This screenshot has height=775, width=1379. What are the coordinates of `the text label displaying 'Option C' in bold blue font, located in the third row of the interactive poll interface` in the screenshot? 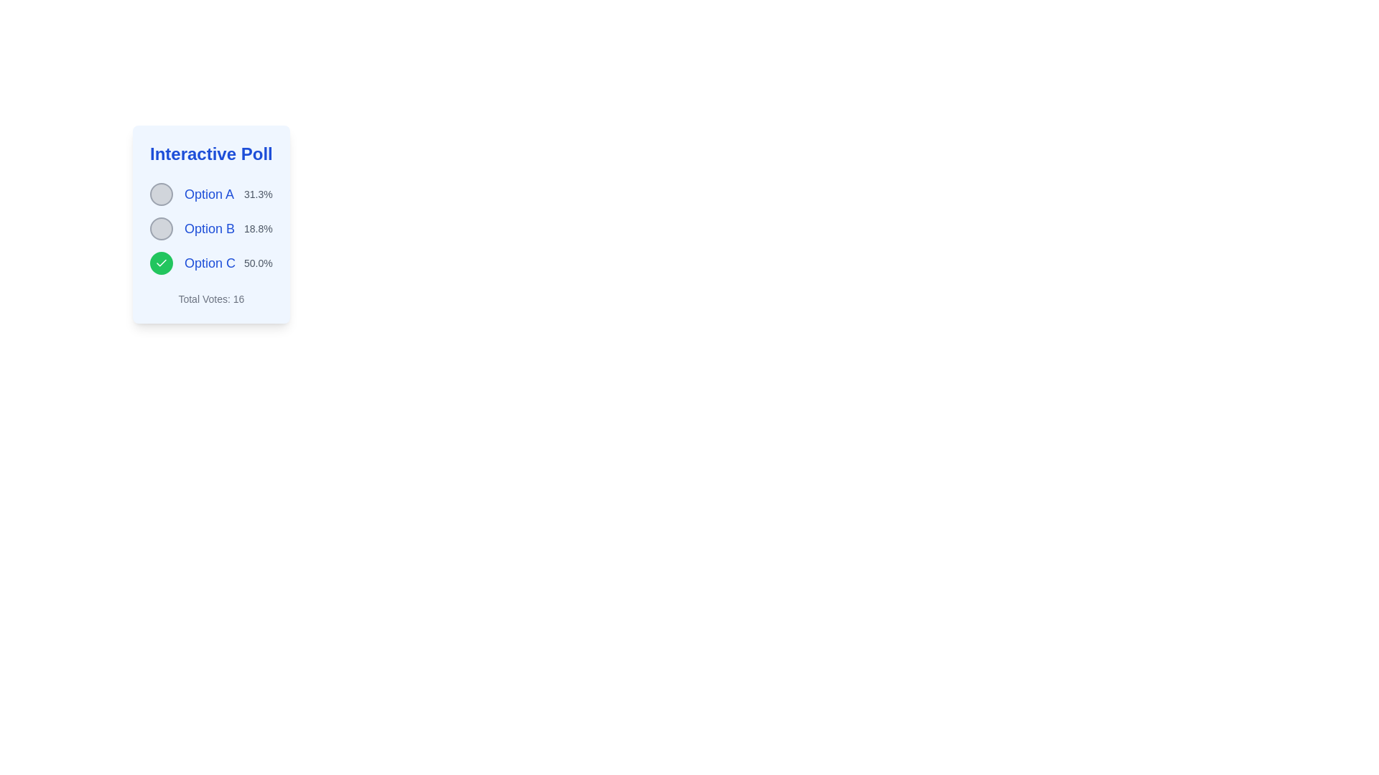 It's located at (192, 263).